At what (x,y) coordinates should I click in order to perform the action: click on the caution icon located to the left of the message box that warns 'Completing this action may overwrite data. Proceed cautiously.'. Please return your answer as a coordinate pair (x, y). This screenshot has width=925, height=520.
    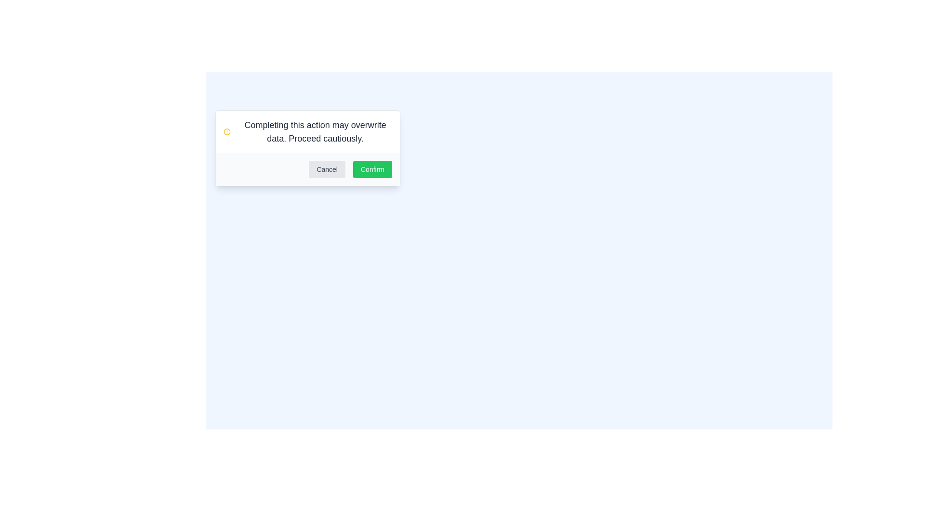
    Looking at the image, I should click on (226, 131).